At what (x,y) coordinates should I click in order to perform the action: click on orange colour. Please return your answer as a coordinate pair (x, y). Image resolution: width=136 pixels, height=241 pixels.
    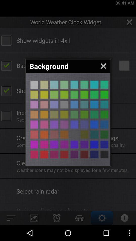
    Looking at the image, I should click on (44, 154).